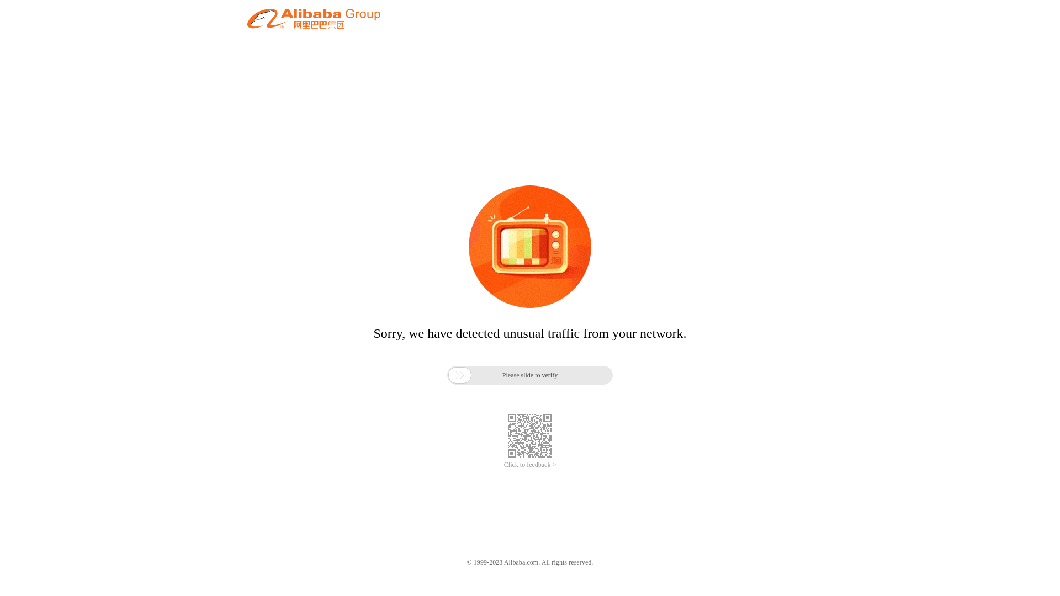 The height and width of the screenshot is (596, 1060). Describe the element at coordinates (530, 465) in the screenshot. I see `'Click to feedback >'` at that location.